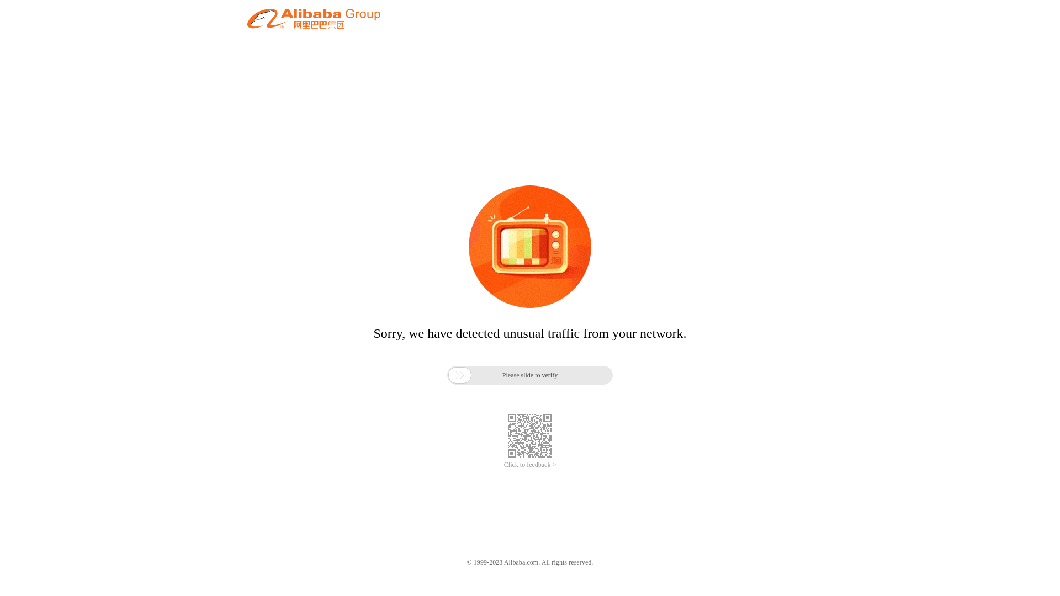 The height and width of the screenshot is (596, 1060). Describe the element at coordinates (530, 465) in the screenshot. I see `'Click to feedback >'` at that location.